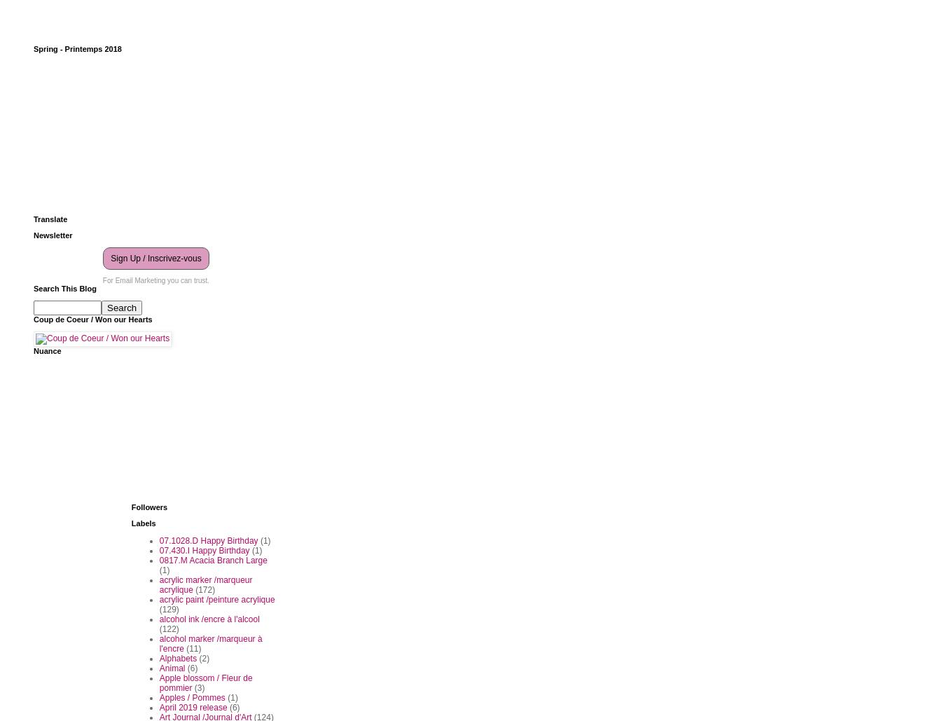 The image size is (951, 721). I want to click on 'alcohol marker /marqueur à l'encre', so click(209, 643).